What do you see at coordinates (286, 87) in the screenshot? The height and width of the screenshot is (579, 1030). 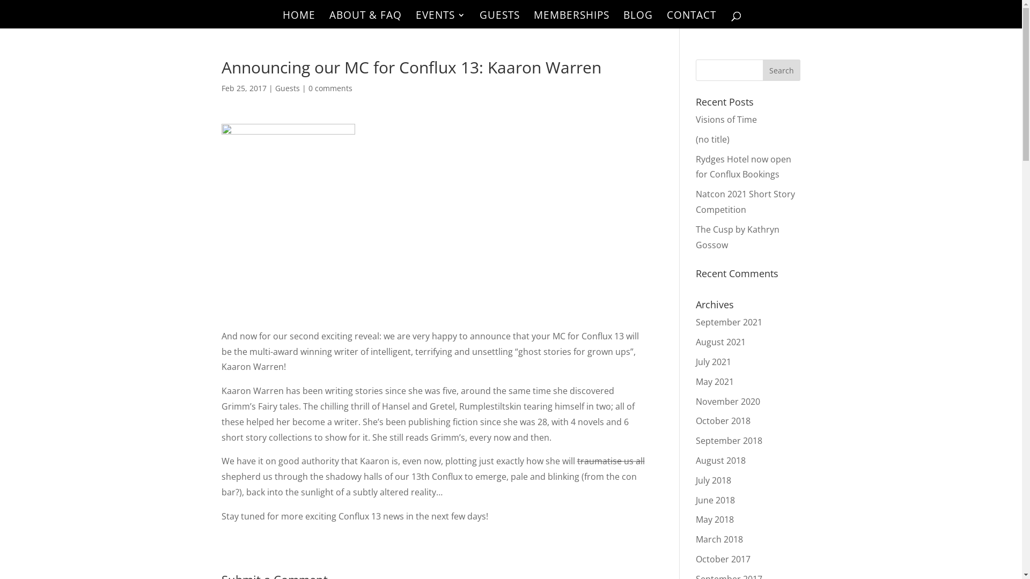 I see `'Guests'` at bounding box center [286, 87].